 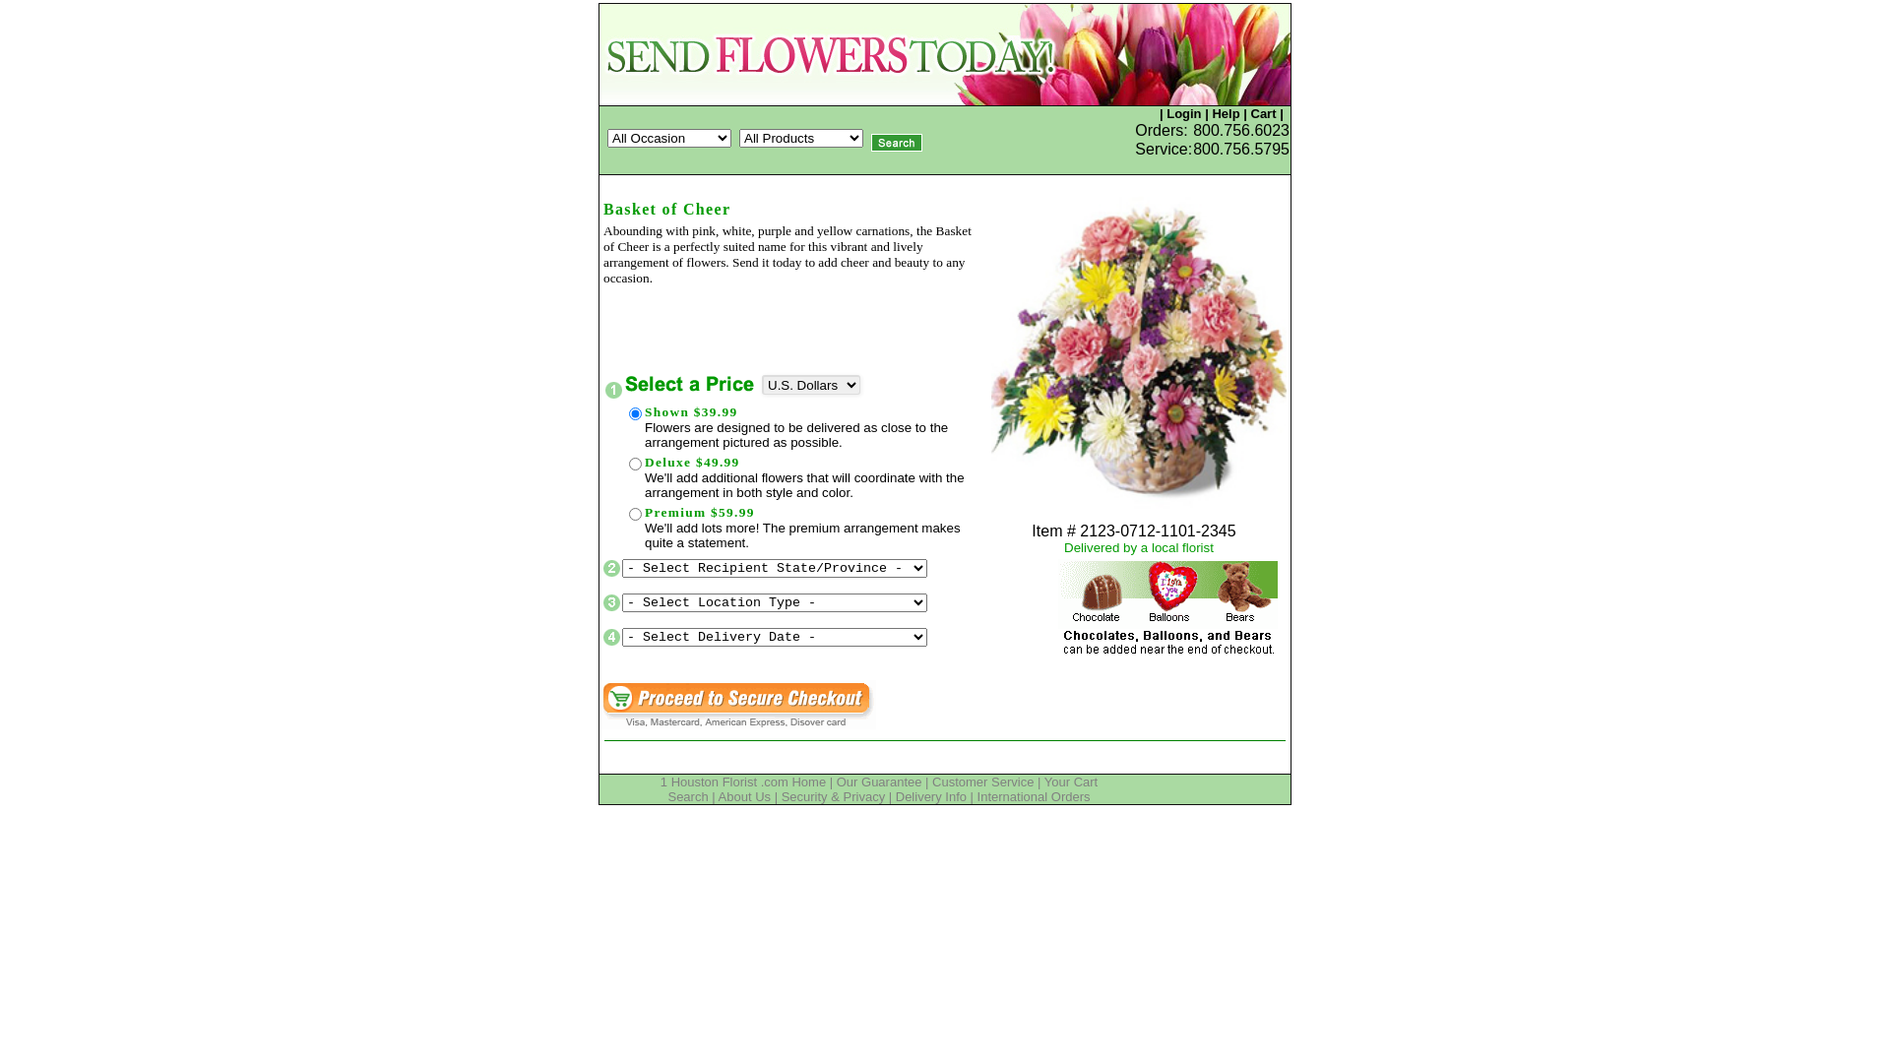 What do you see at coordinates (780, 795) in the screenshot?
I see `'Security & Privacy'` at bounding box center [780, 795].